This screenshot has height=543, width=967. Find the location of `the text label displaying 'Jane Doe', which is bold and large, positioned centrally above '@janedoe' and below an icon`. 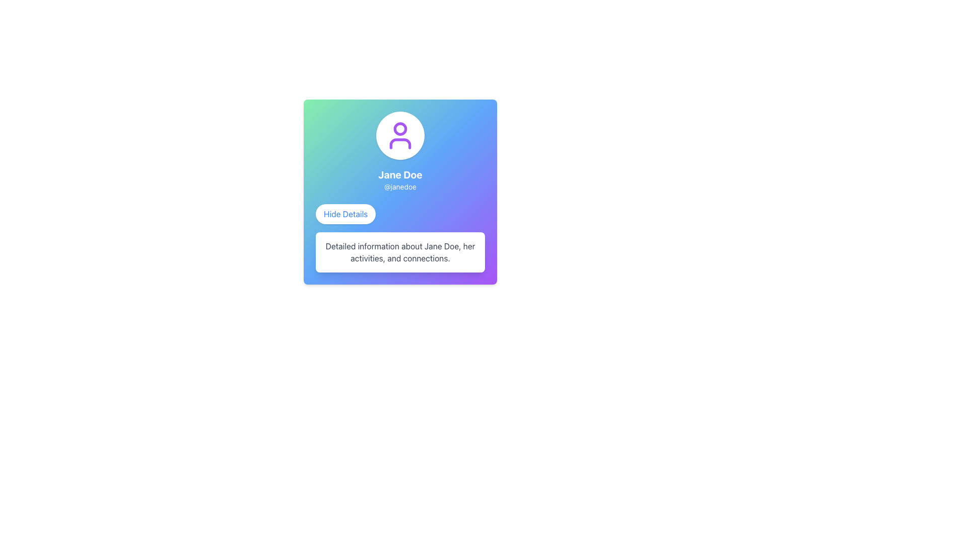

the text label displaying 'Jane Doe', which is bold and large, positioned centrally above '@janedoe' and below an icon is located at coordinates (400, 174).